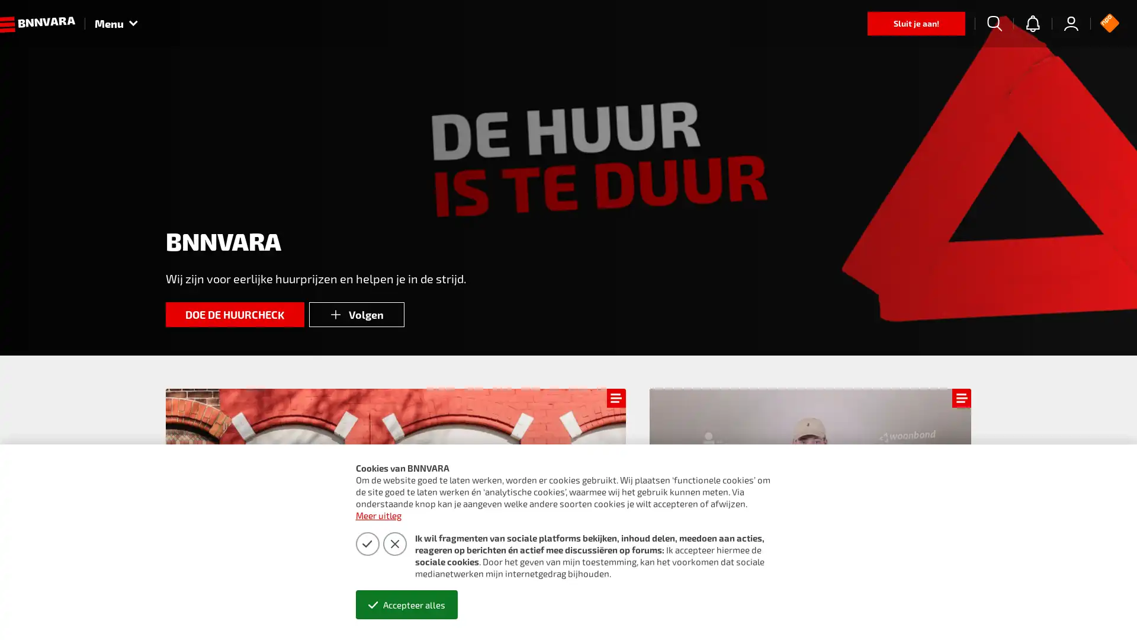 This screenshot has width=1137, height=640. I want to click on zoek, so click(994, 23).